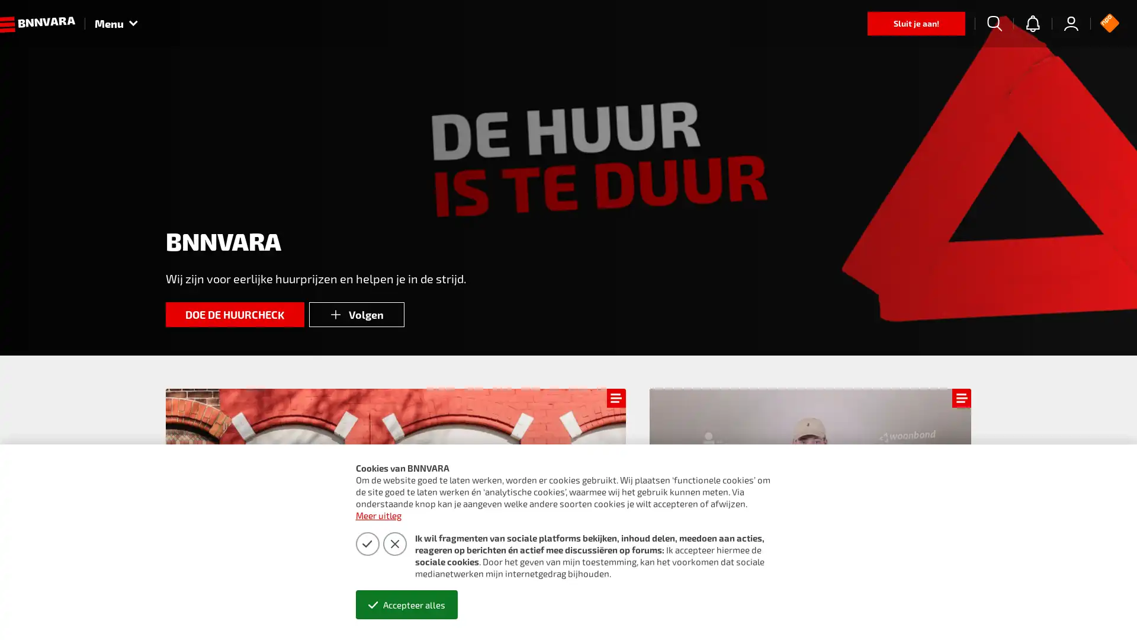 This screenshot has width=1137, height=640. I want to click on zoek, so click(994, 23).